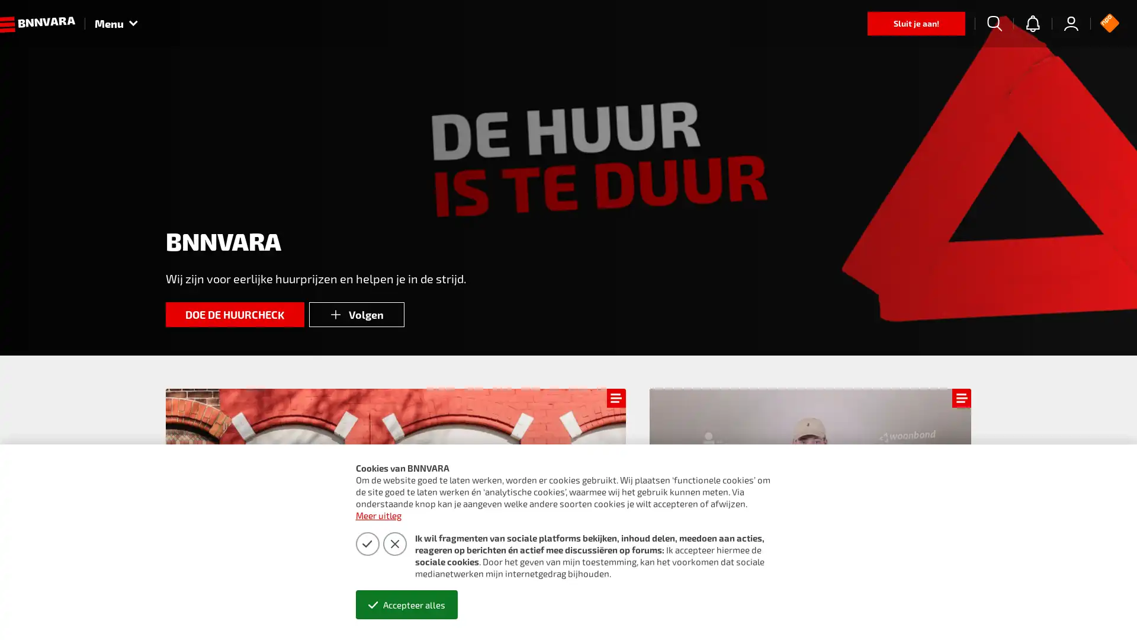 This screenshot has width=1137, height=640. I want to click on zoek, so click(994, 23).